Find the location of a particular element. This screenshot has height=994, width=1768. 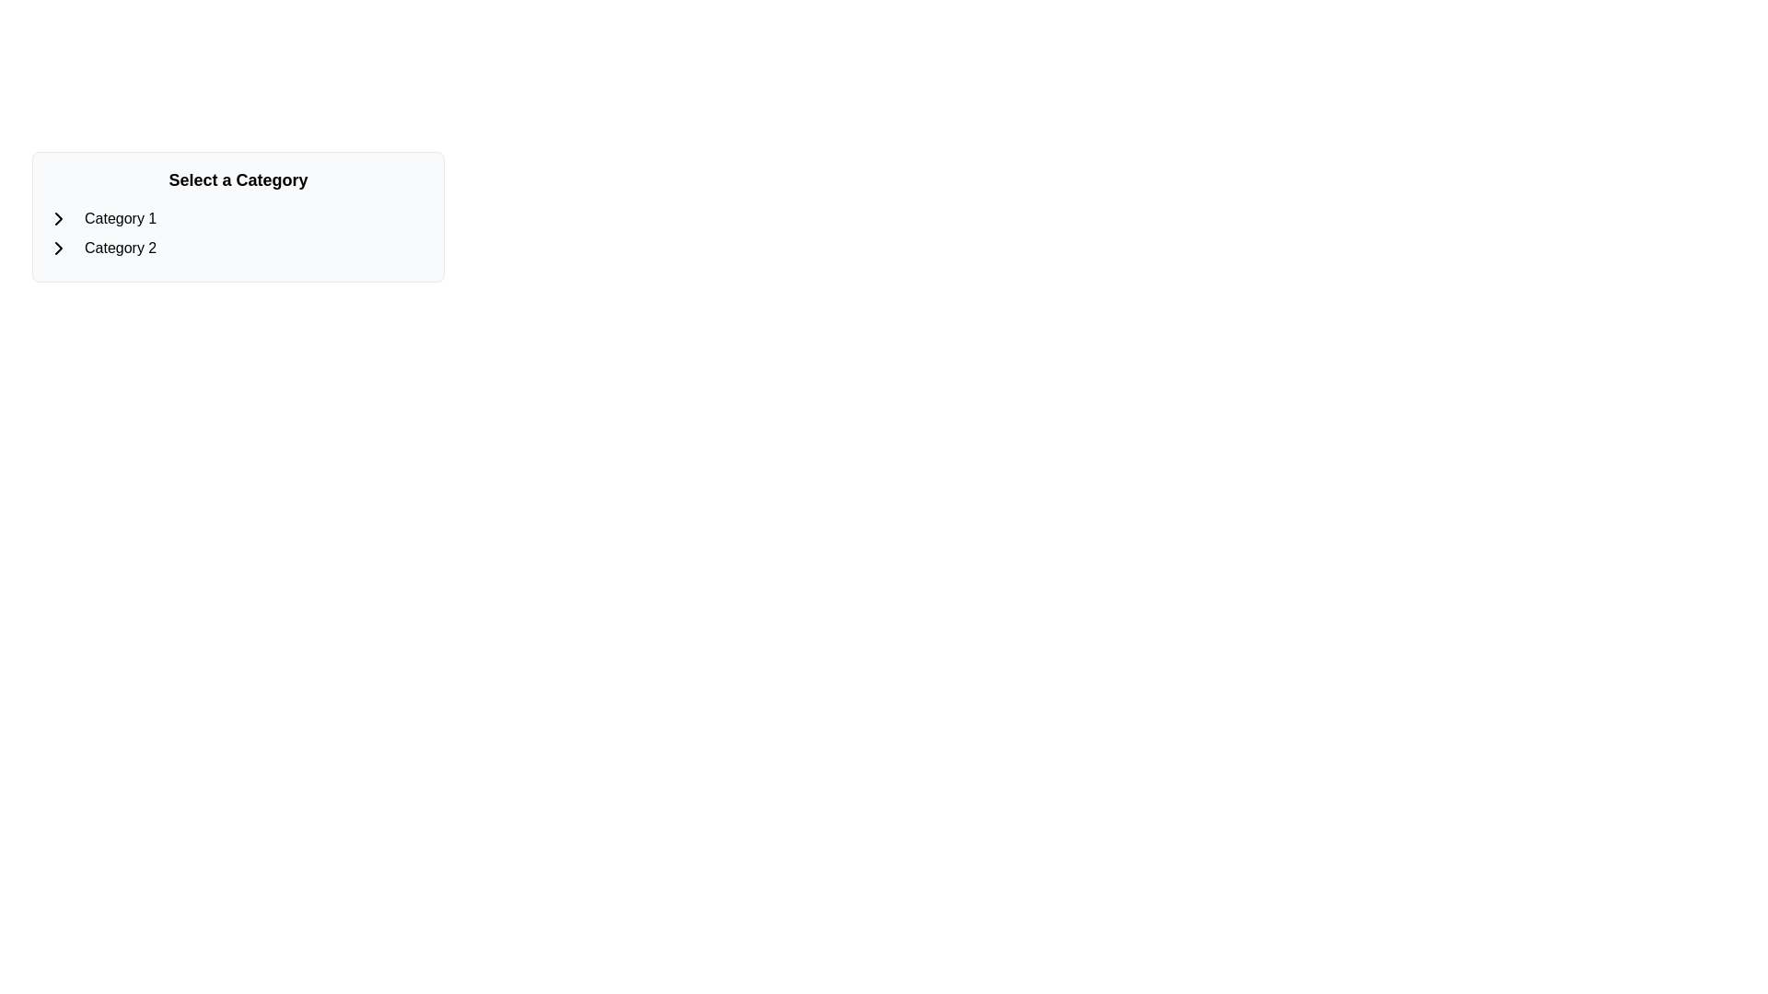

the button with a chevron pointing to the right, located to the left of the 'Category 1' text in the 'Select a Category' group is located at coordinates (58, 218).